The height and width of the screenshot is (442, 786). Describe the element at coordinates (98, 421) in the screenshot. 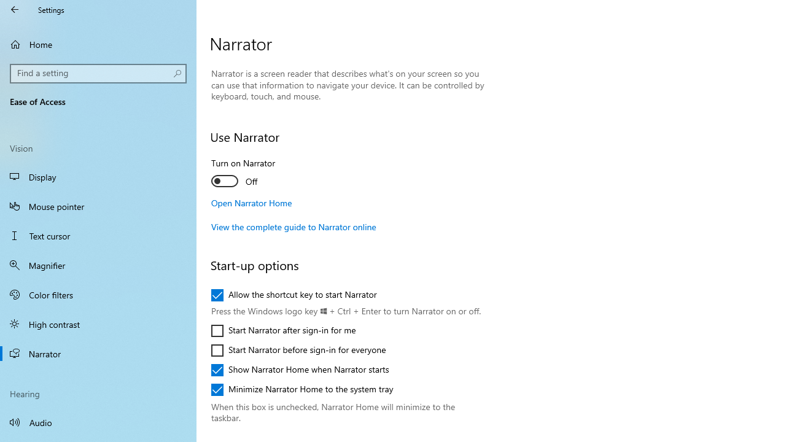

I see `'Audio'` at that location.